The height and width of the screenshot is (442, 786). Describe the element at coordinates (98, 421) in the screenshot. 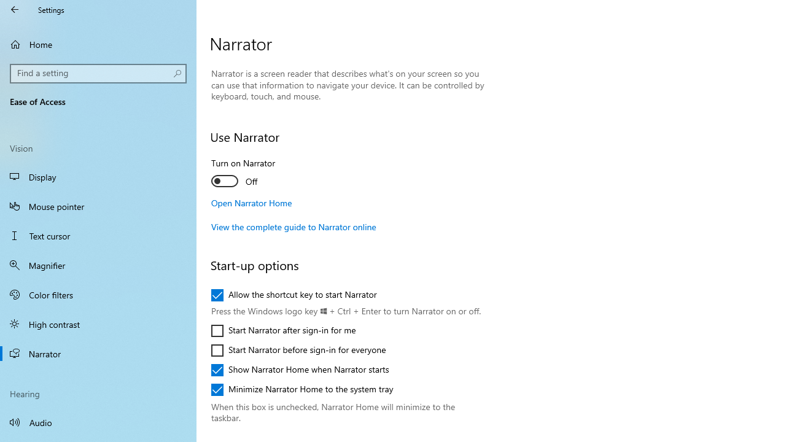

I see `'Audio'` at that location.